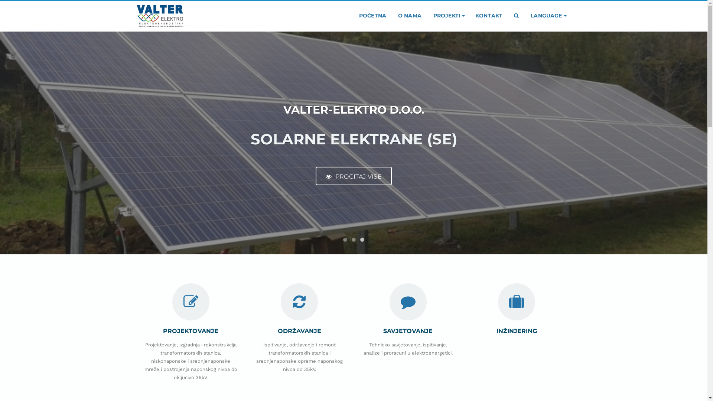  I want to click on 'PROJEKTI', so click(448, 16).